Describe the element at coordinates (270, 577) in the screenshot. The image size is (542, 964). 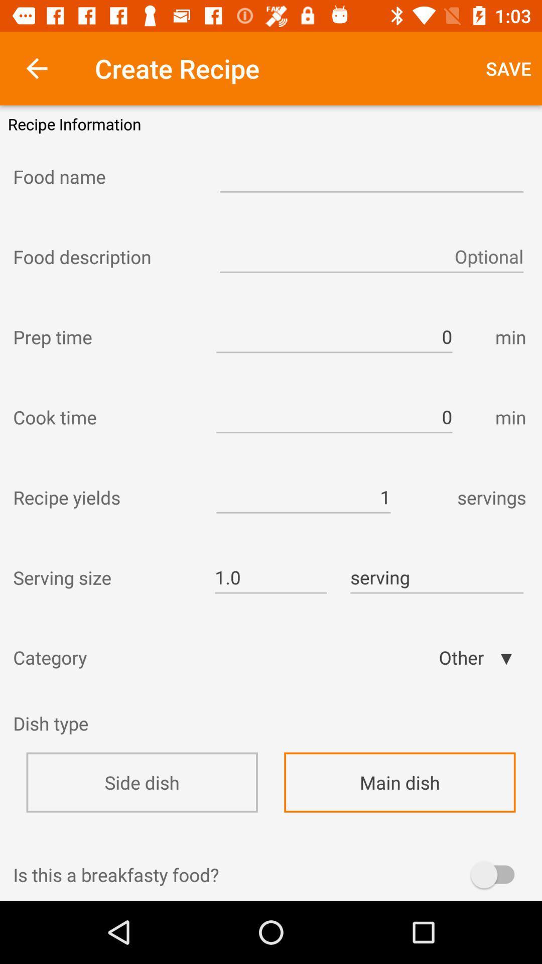
I see `item to the left of serving icon` at that location.